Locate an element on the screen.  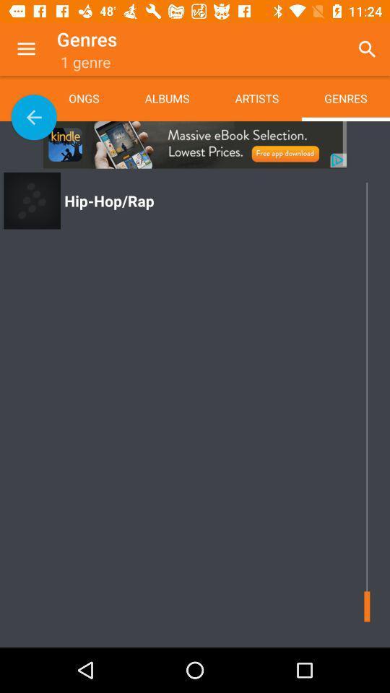
link to web page is located at coordinates (195, 144).